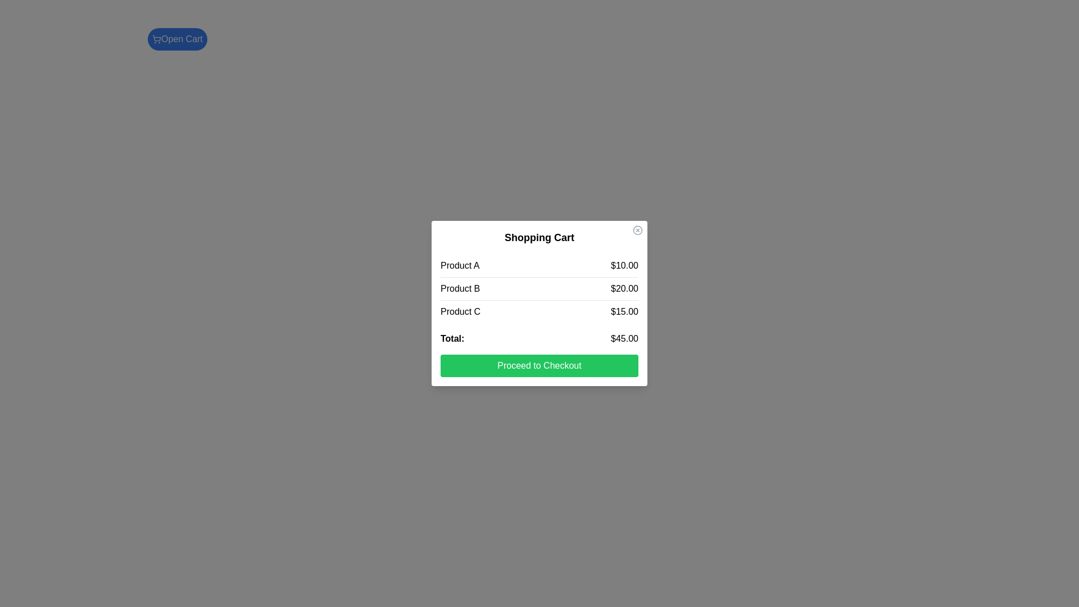 The image size is (1079, 607). I want to click on the close button for the shopping cart popup, located at the top-right corner of the modal window, to change its color, so click(637, 229).